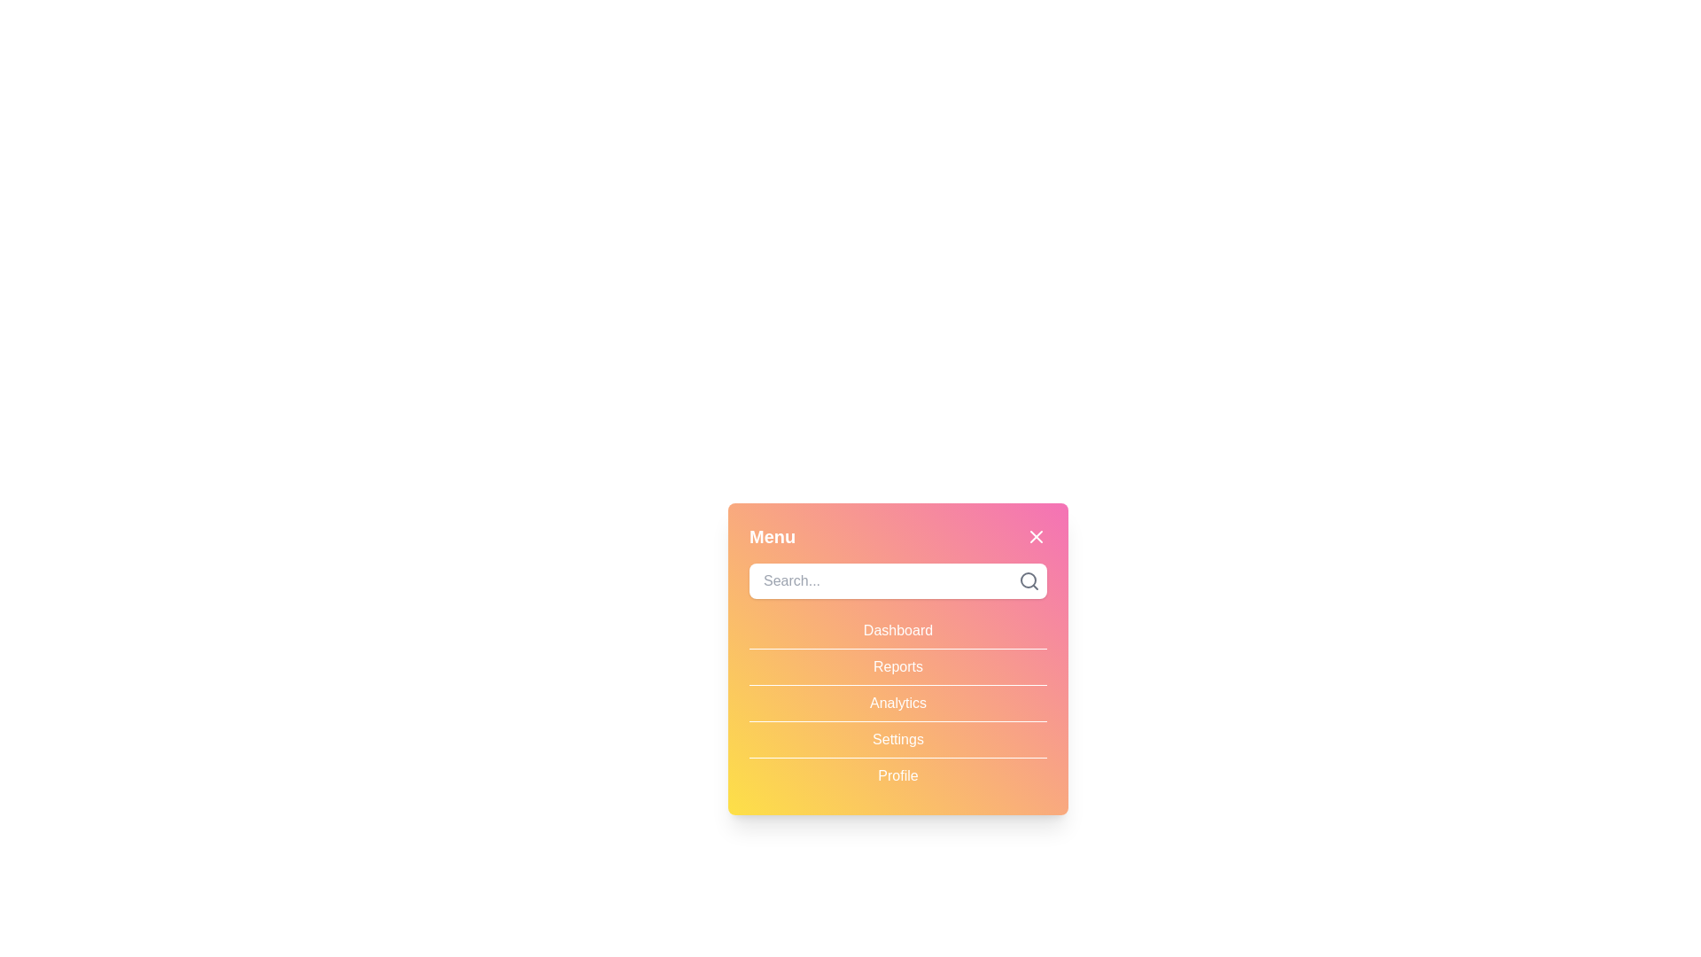 This screenshot has width=1701, height=957. What do you see at coordinates (897, 774) in the screenshot?
I see `the menu item Profile to observe hover effects` at bounding box center [897, 774].